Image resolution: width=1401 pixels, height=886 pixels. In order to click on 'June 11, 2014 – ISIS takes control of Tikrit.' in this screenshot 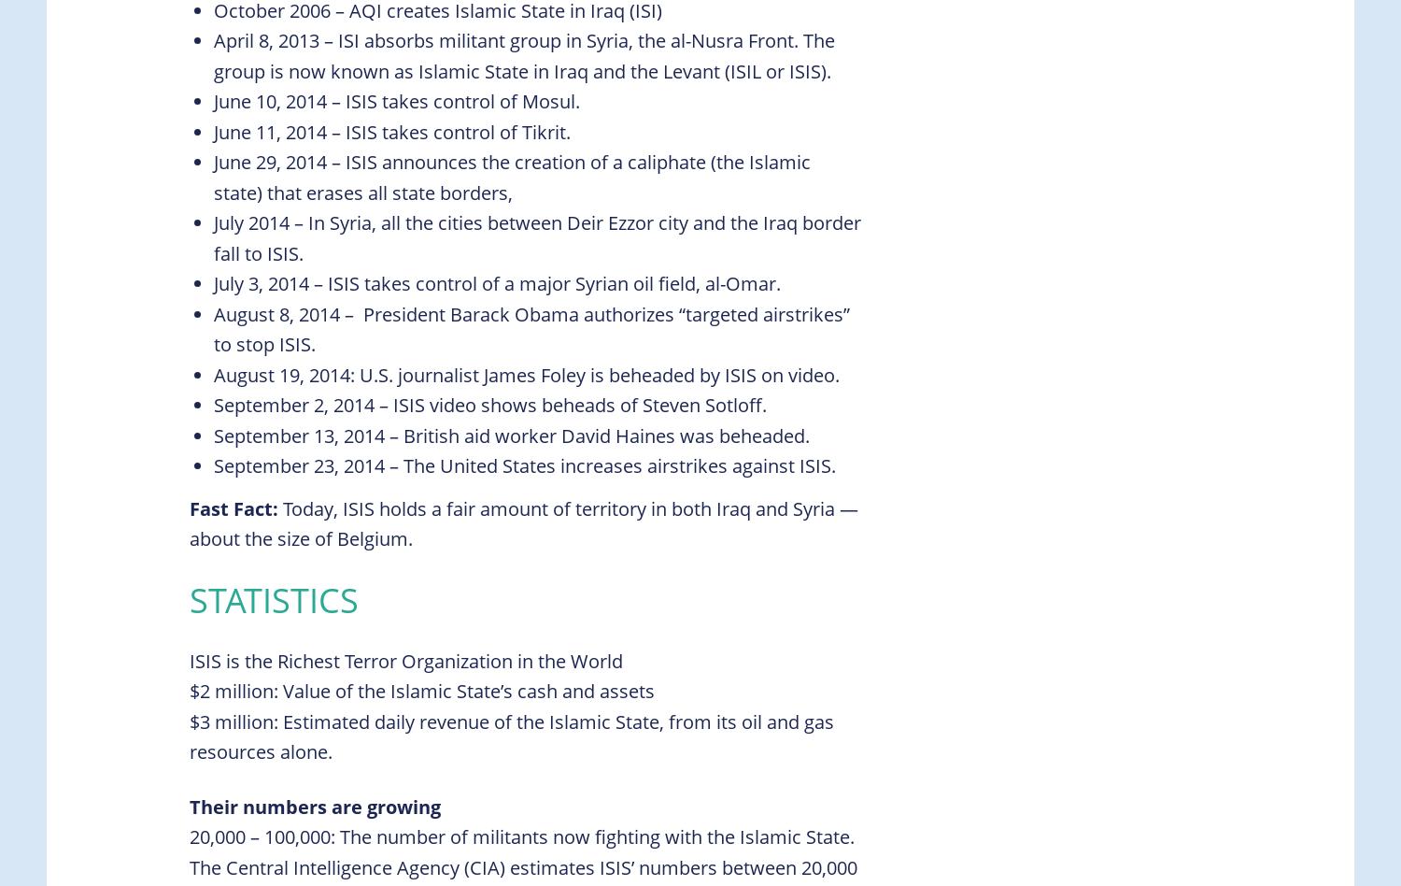, I will do `click(392, 130)`.